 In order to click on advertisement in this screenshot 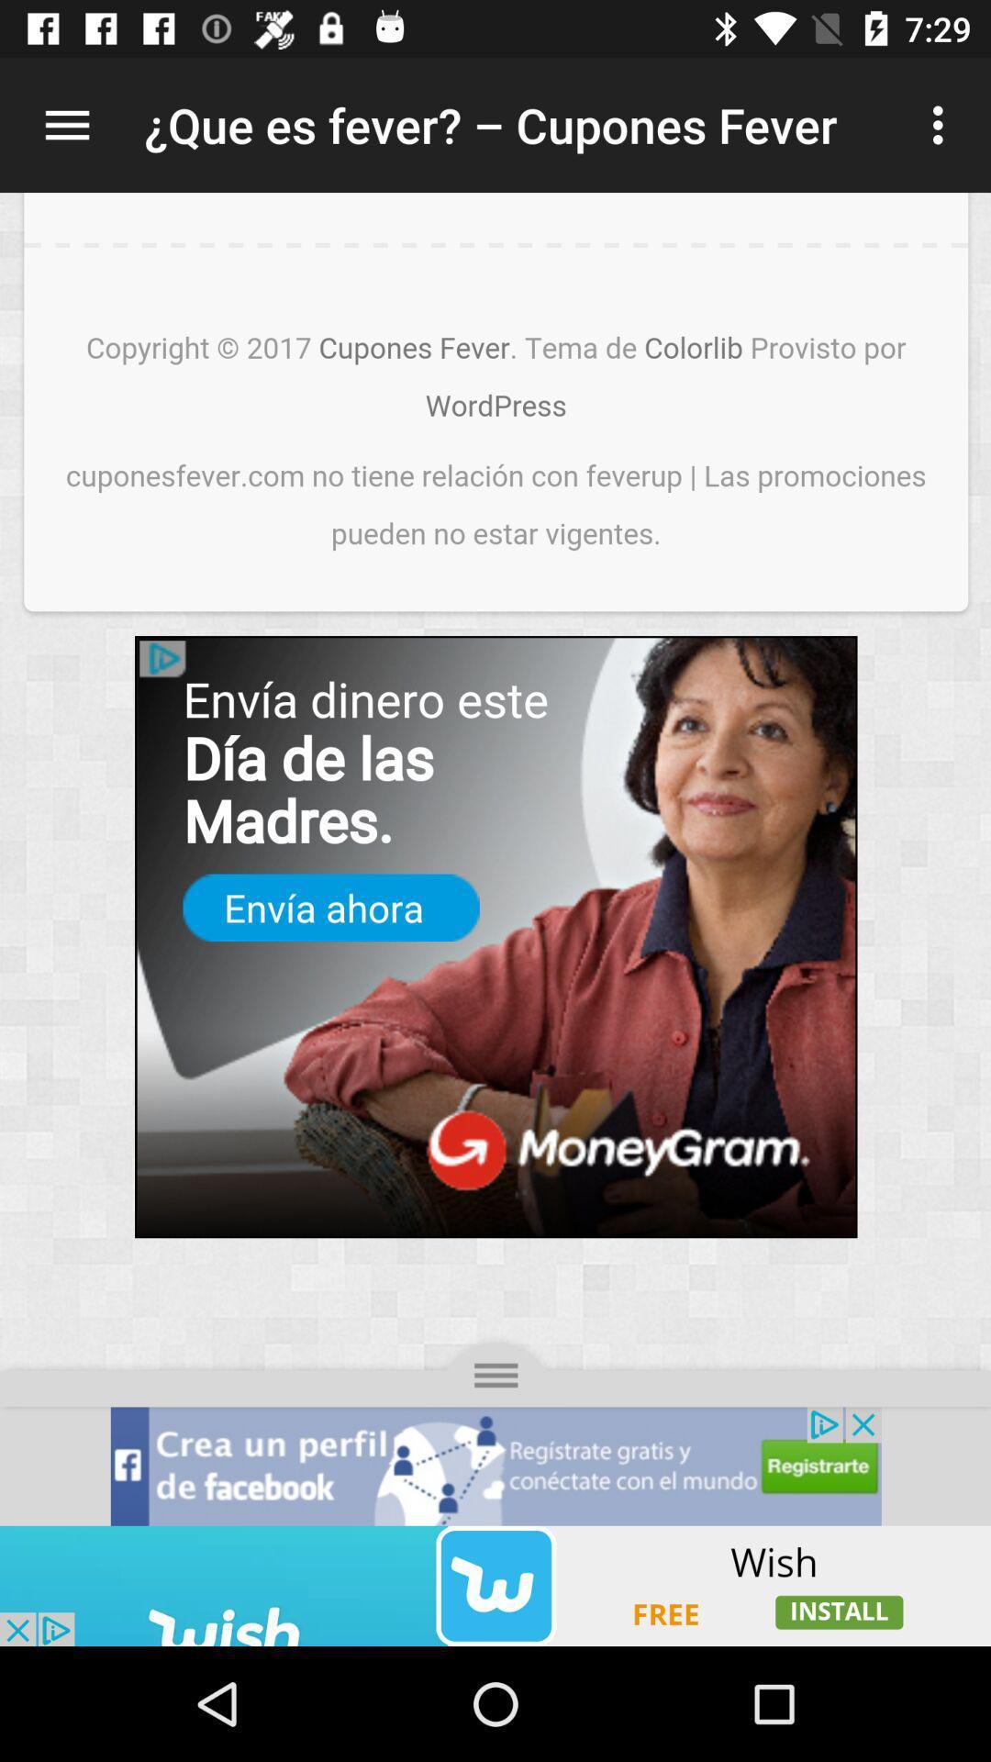, I will do `click(495, 1585)`.